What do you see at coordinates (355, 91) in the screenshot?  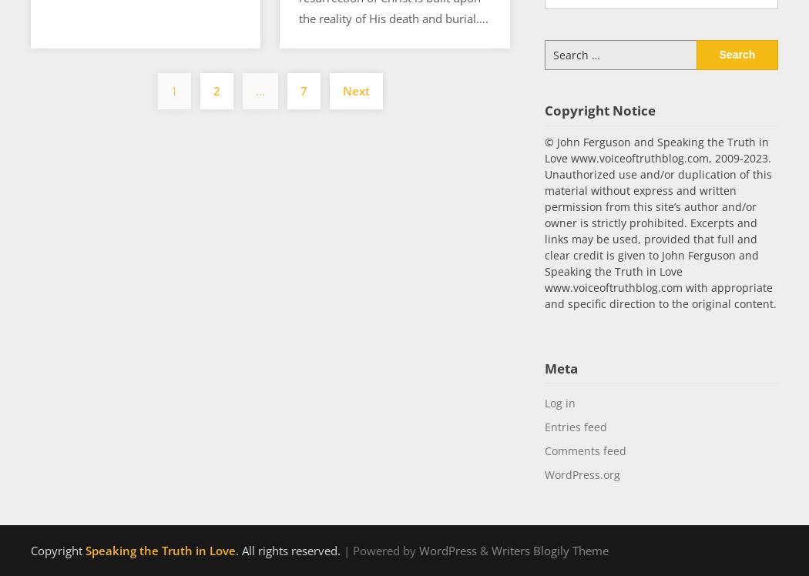 I see `'Next'` at bounding box center [355, 91].